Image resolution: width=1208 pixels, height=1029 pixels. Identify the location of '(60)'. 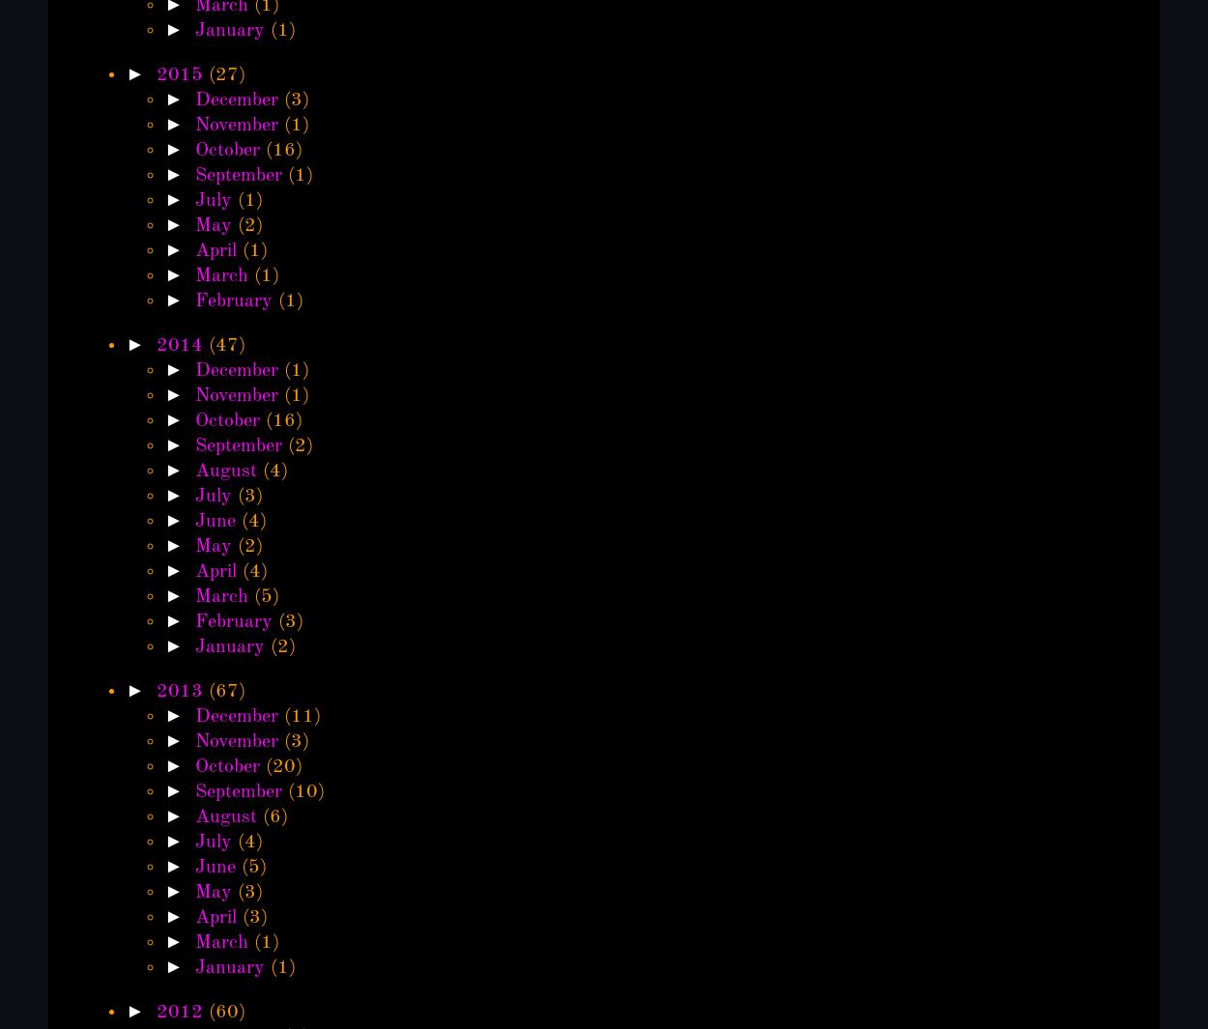
(225, 1012).